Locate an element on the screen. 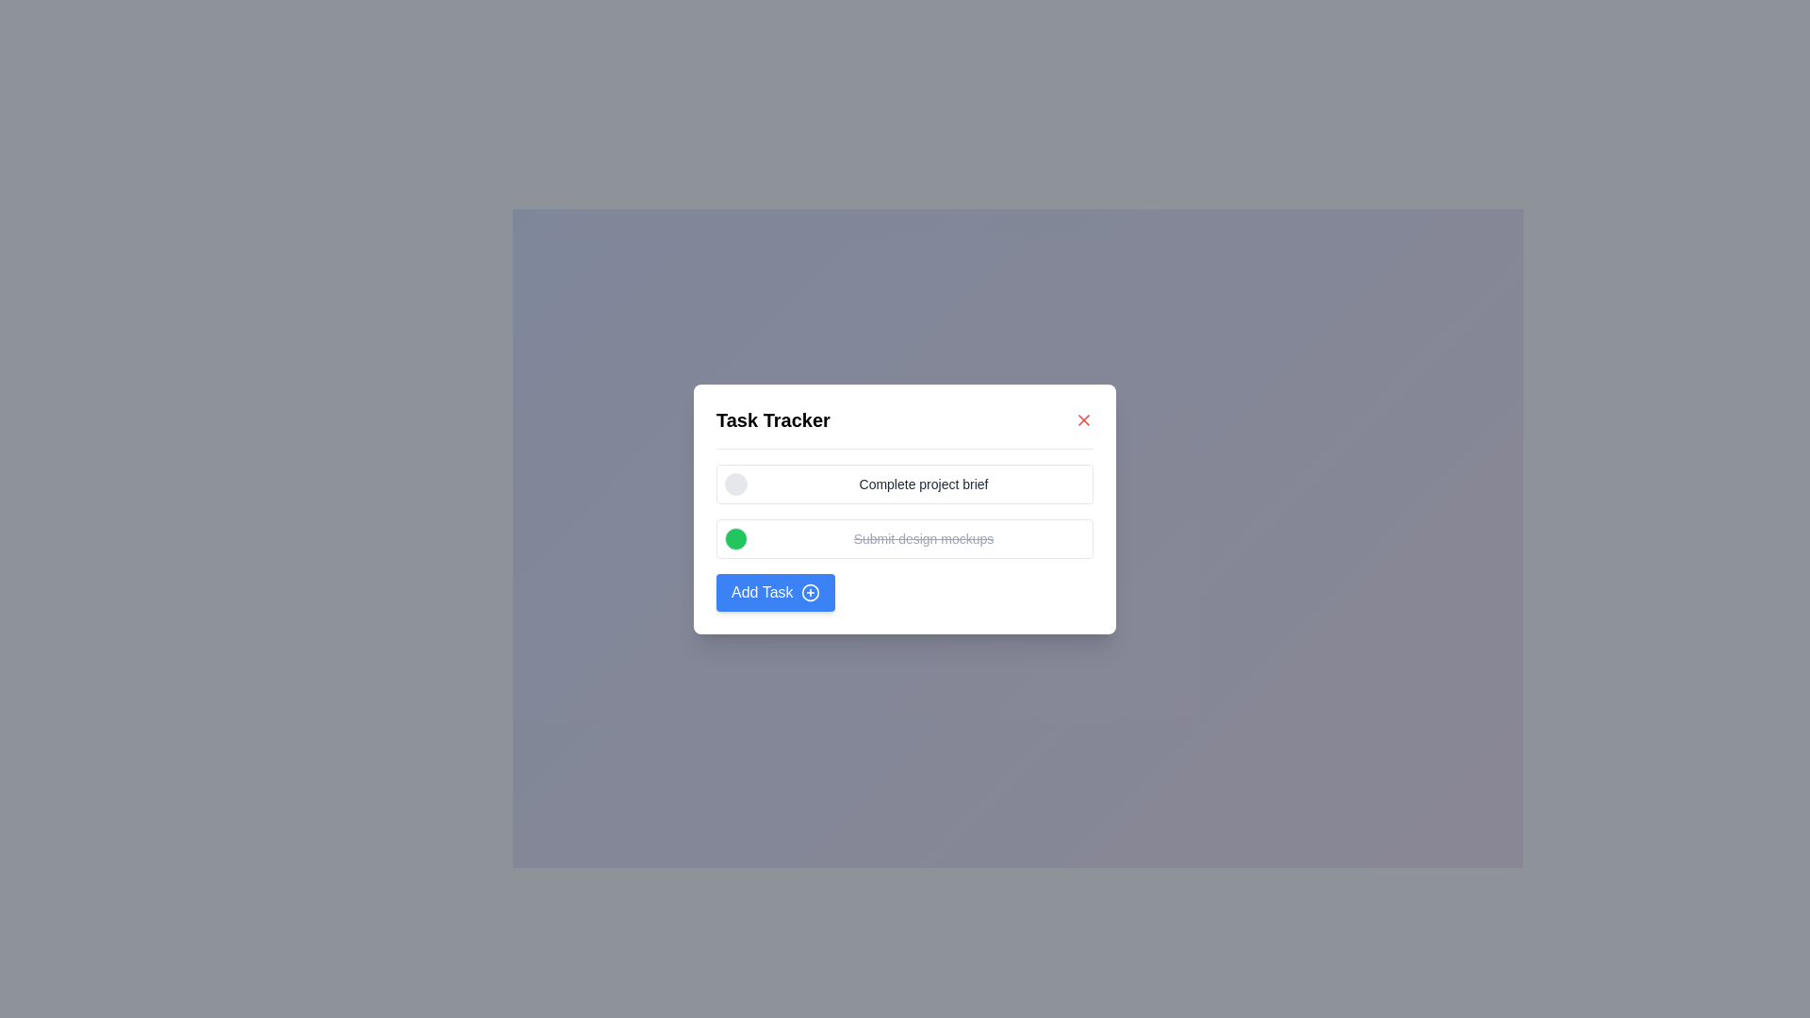 The width and height of the screenshot is (1810, 1018). the close button located at the upper-right corner of the 'Task Tracker' dialog window is located at coordinates (1084, 418).